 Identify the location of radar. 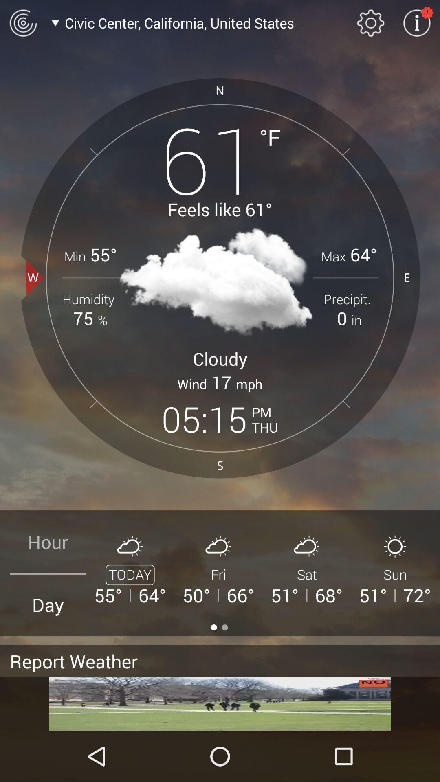
(22, 23).